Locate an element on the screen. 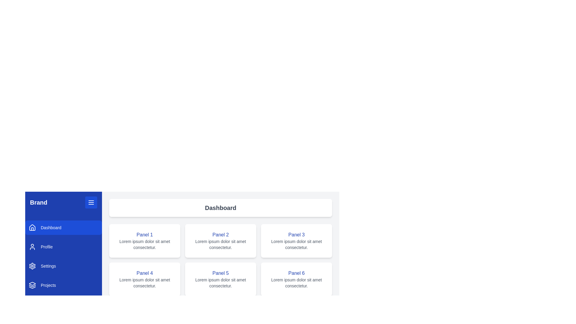  the profile icon located in the left navigation bar, which is positioned immediately to the left of the text 'Profile' is located at coordinates (32, 247).